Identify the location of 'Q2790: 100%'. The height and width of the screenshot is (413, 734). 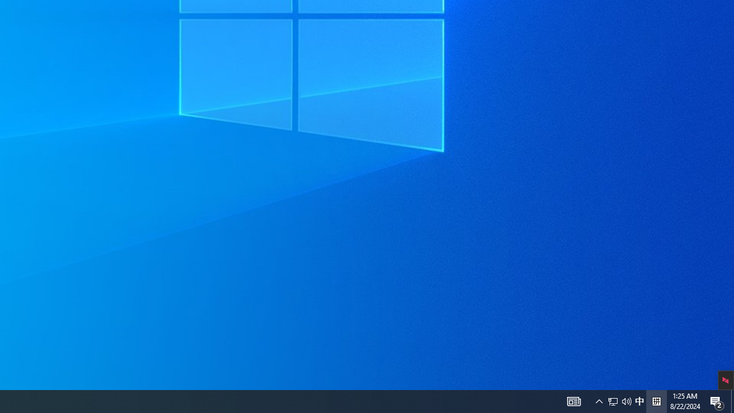
(626, 400).